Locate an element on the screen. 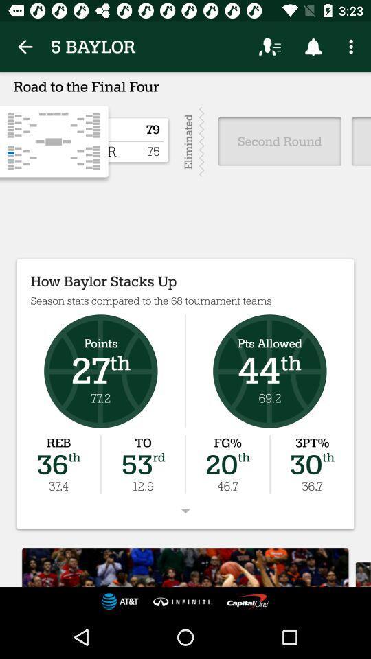  the font icon is located at coordinates (354, 575).